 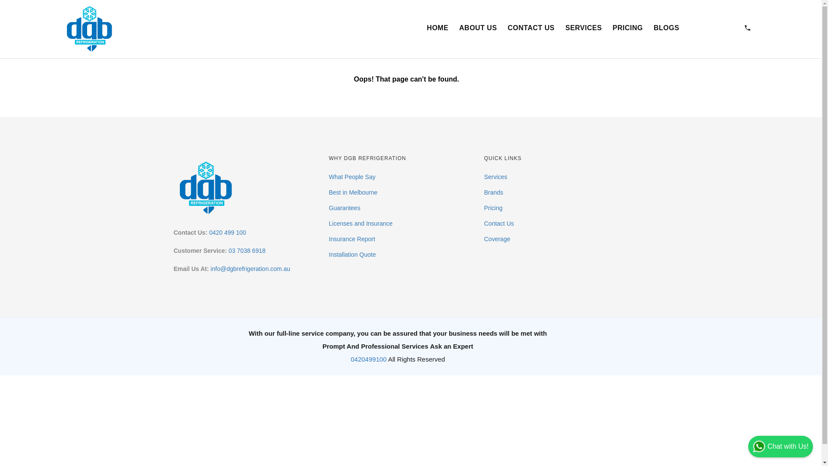 What do you see at coordinates (246, 251) in the screenshot?
I see `'03 7038 6918'` at bounding box center [246, 251].